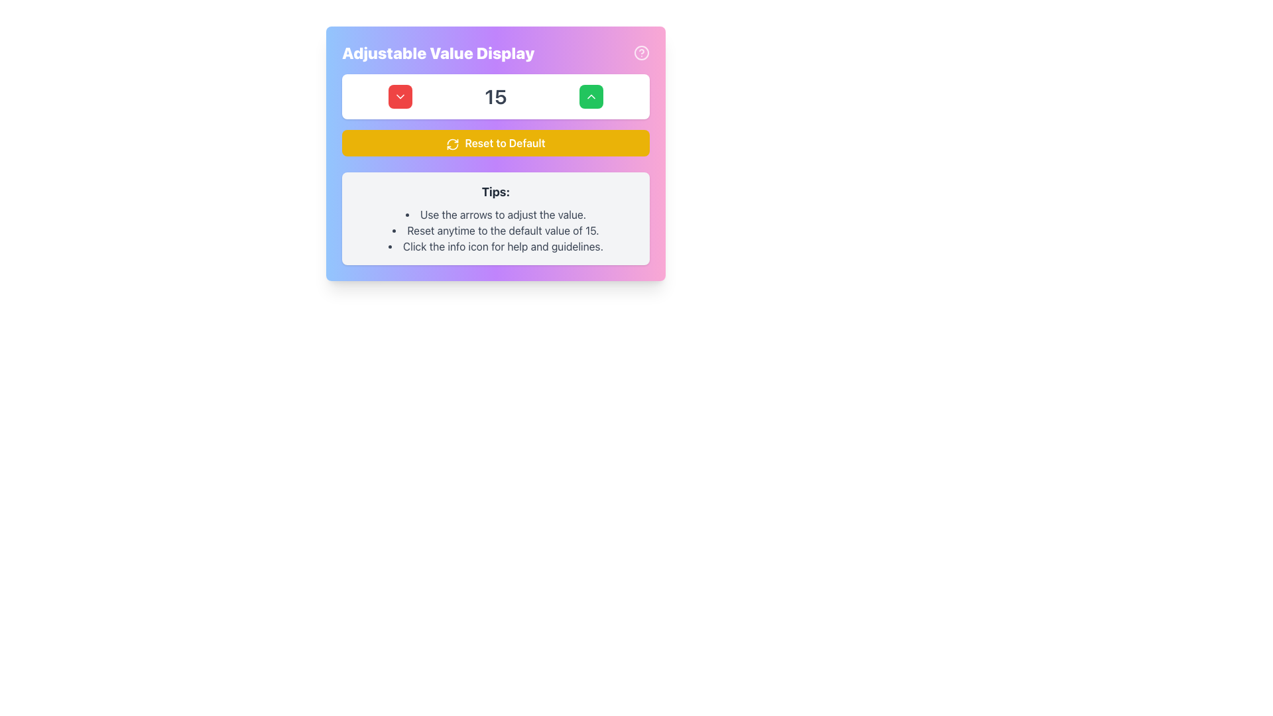 This screenshot has width=1273, height=716. What do you see at coordinates (495, 52) in the screenshot?
I see `the prominent text header displaying 'Adjustable Value Display', which is styled in bold, large, white text against a colorful gradient background` at bounding box center [495, 52].